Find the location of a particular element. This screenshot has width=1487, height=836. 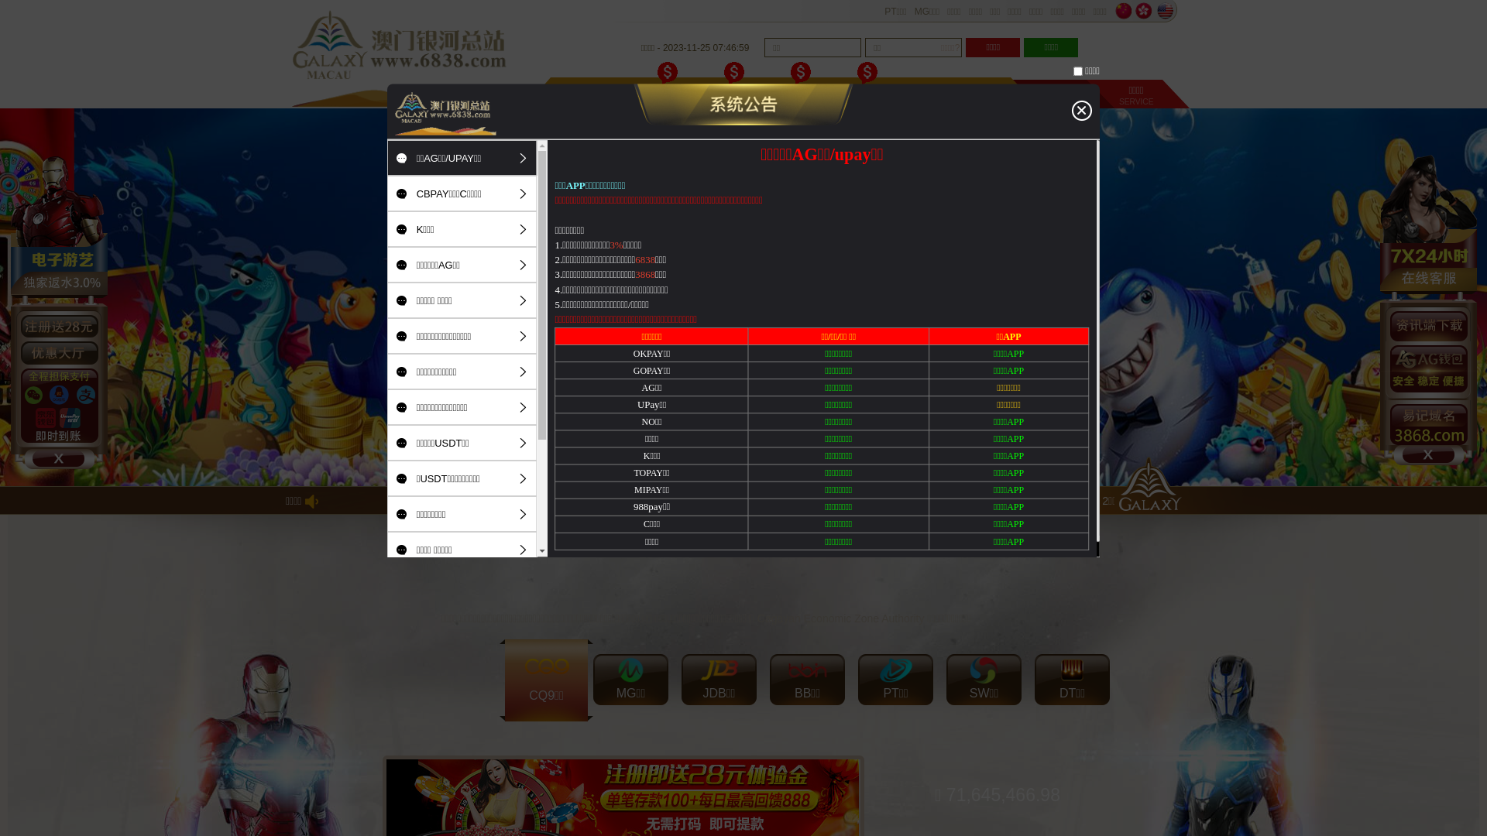

'English' is located at coordinates (1164, 11).